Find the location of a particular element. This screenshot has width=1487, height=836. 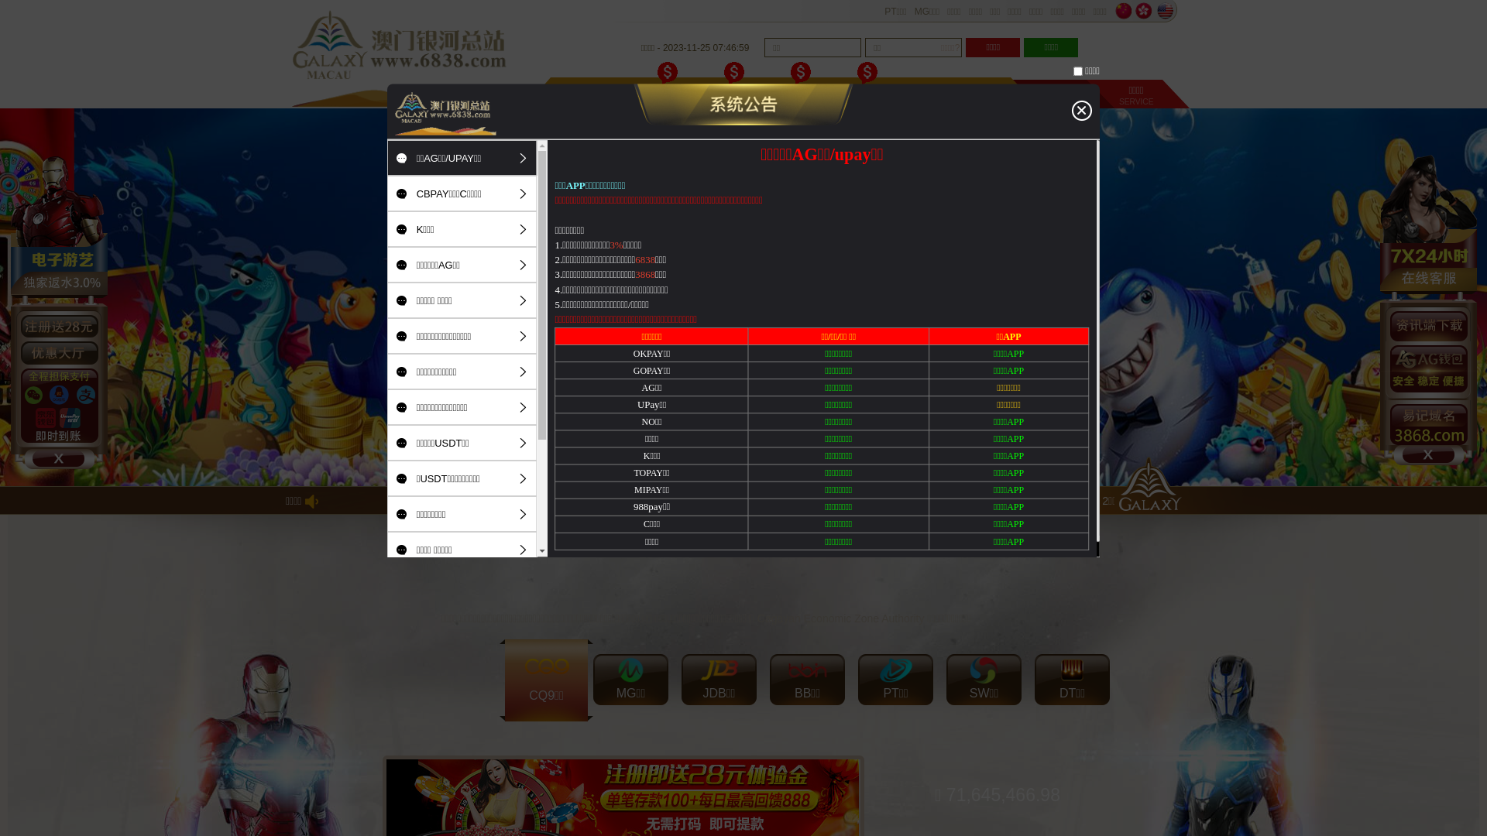

'English' is located at coordinates (1164, 11).